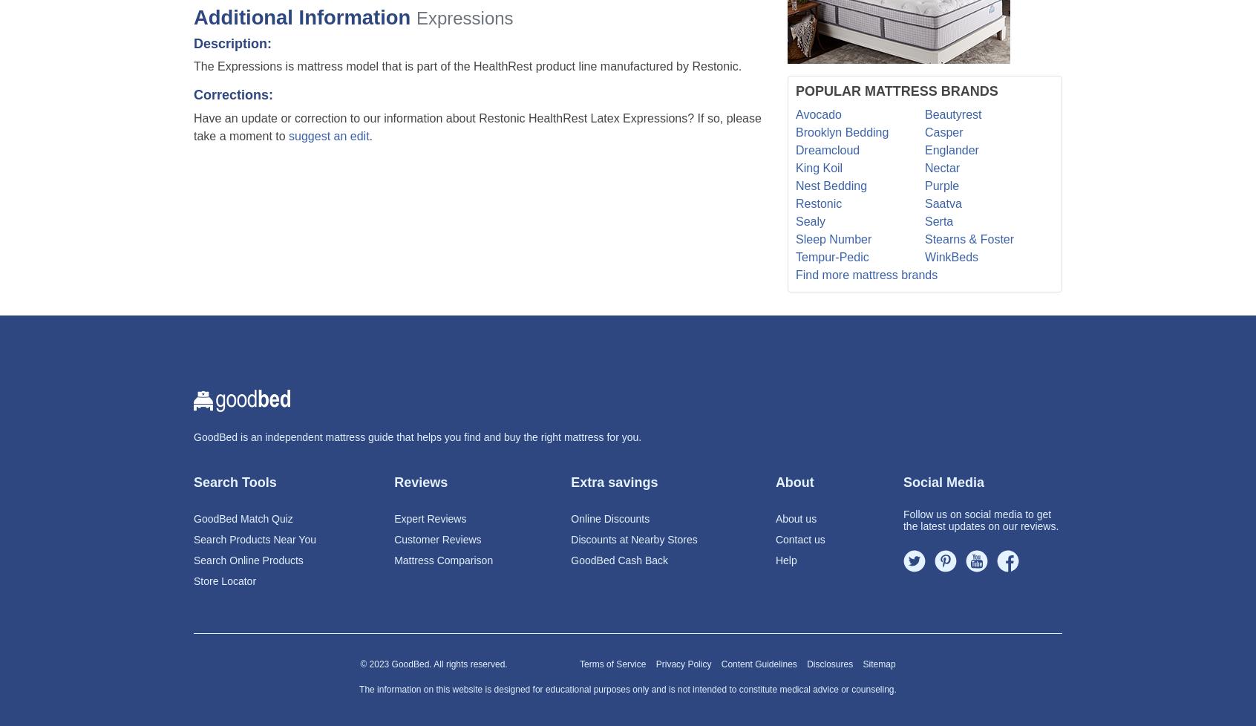 The height and width of the screenshot is (726, 1256). What do you see at coordinates (619, 559) in the screenshot?
I see `'GoodBed Cash Back'` at bounding box center [619, 559].